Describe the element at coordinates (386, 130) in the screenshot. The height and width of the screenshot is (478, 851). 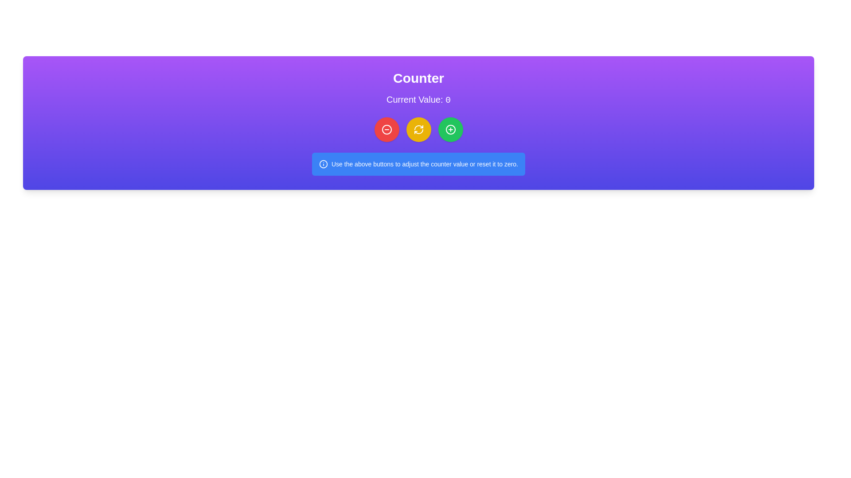
I see `the circular red button with a white minus icon to observe interactive style changes` at that location.